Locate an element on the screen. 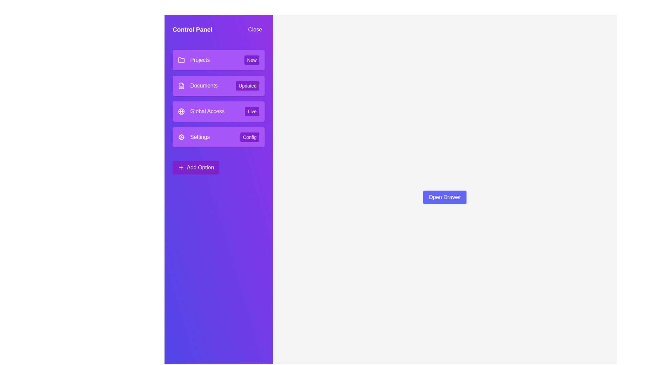 The height and width of the screenshot is (365, 650). the tag associated with the menu item Projects is located at coordinates (252, 59).